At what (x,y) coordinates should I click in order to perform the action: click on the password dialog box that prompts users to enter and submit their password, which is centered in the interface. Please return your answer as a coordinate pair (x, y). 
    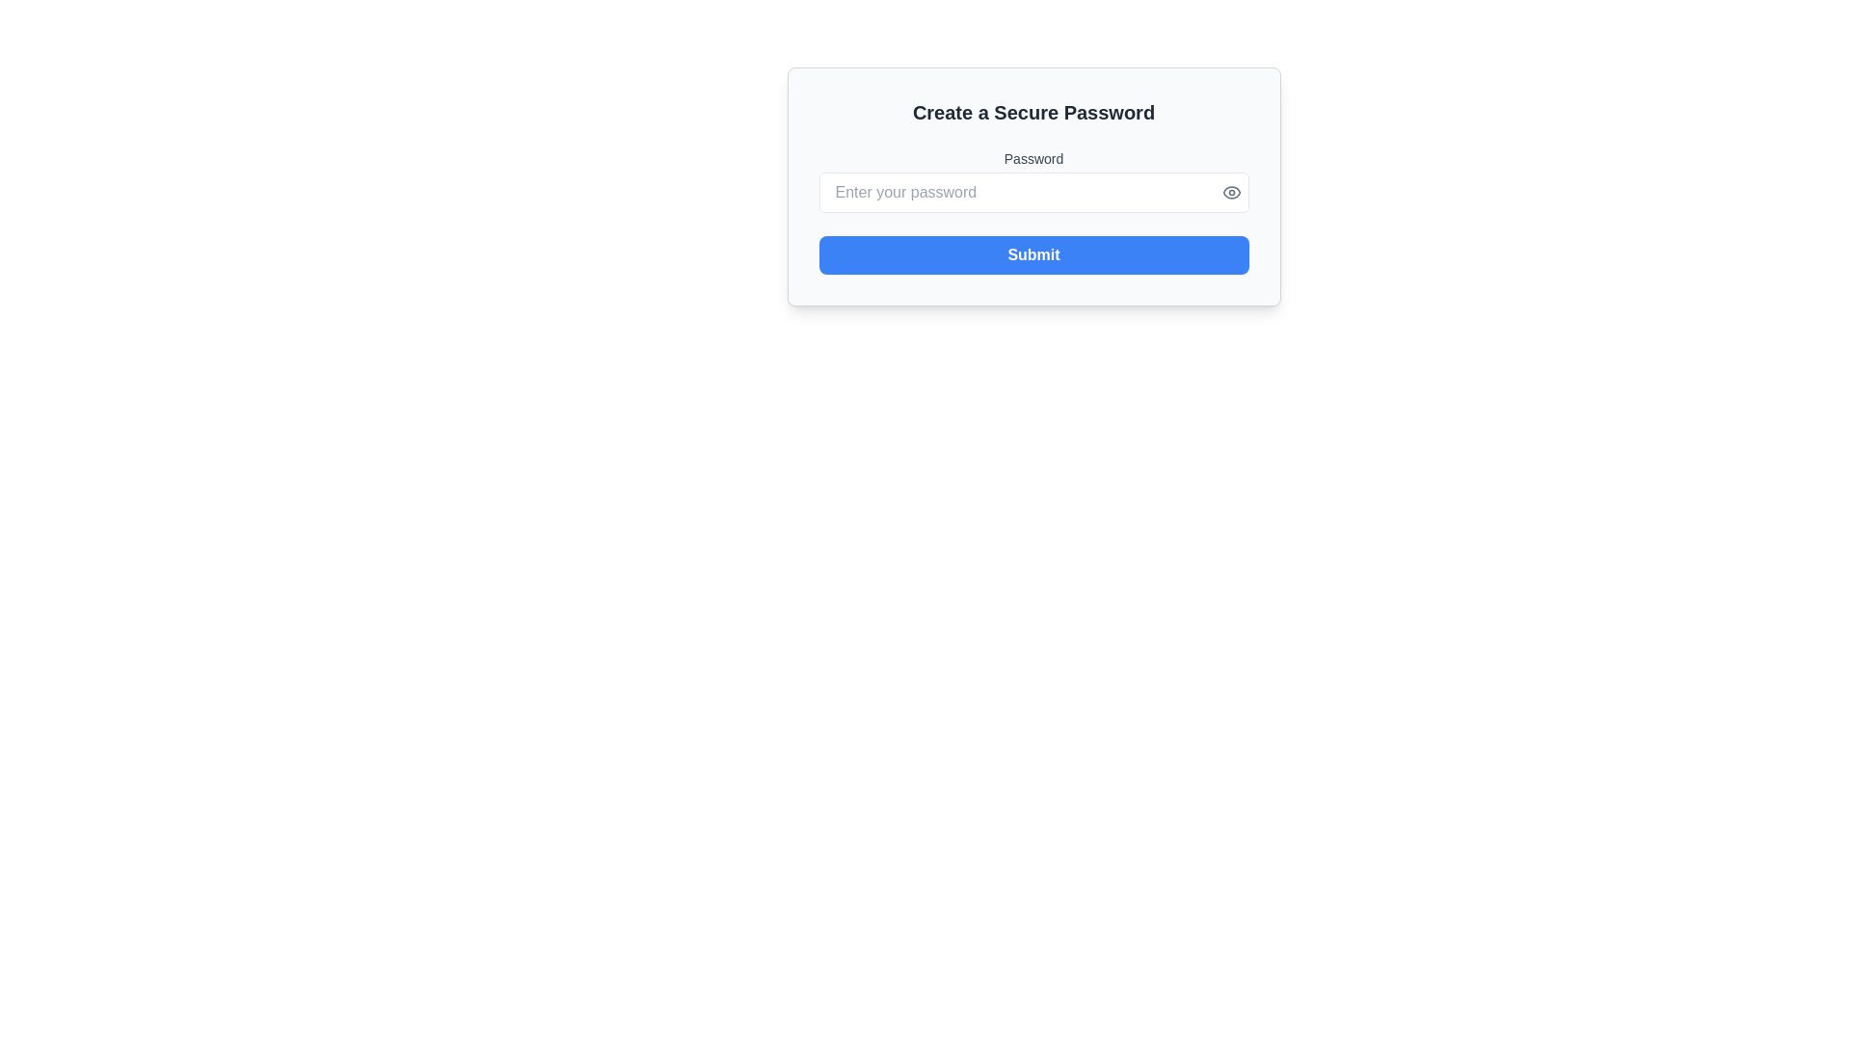
    Looking at the image, I should click on (1033, 186).